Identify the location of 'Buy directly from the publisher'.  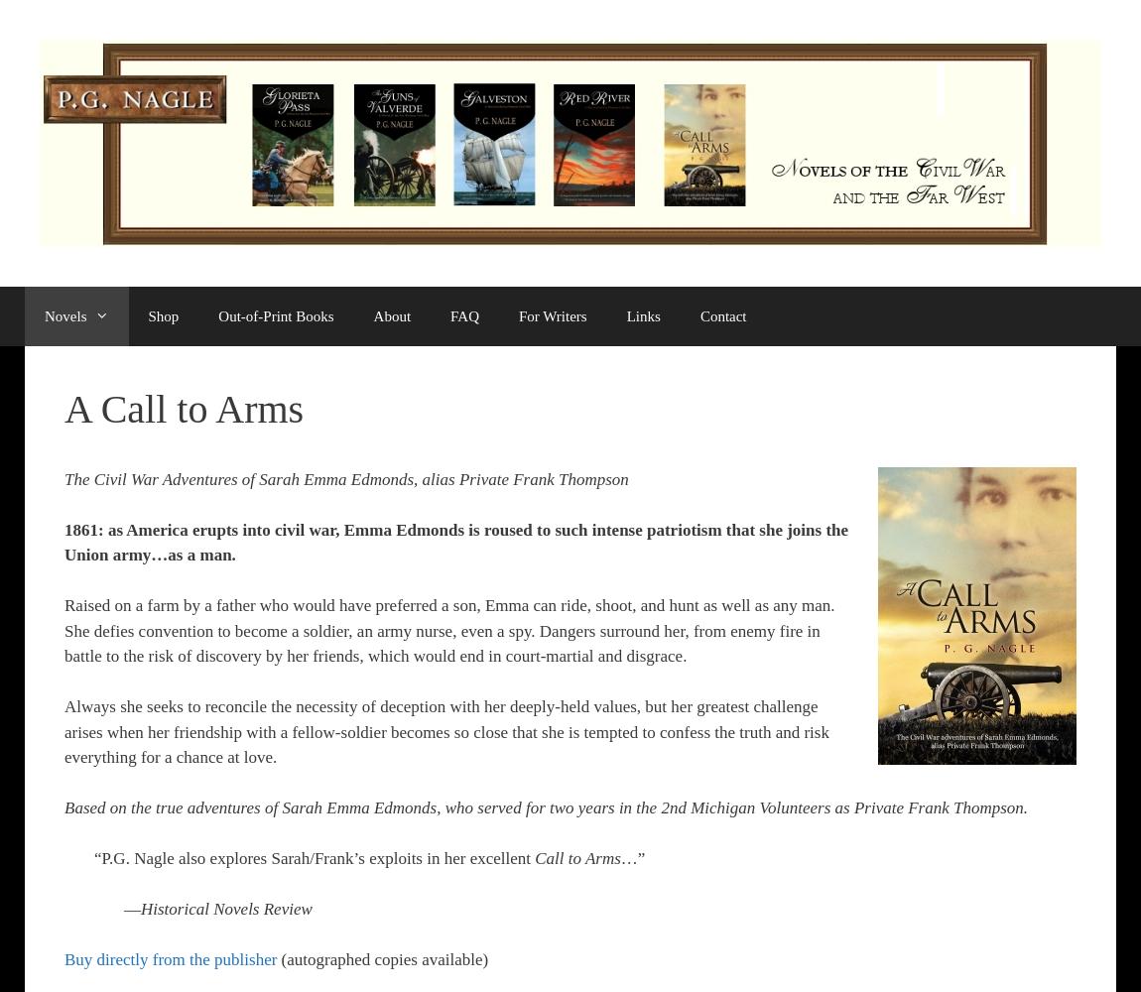
(63, 958).